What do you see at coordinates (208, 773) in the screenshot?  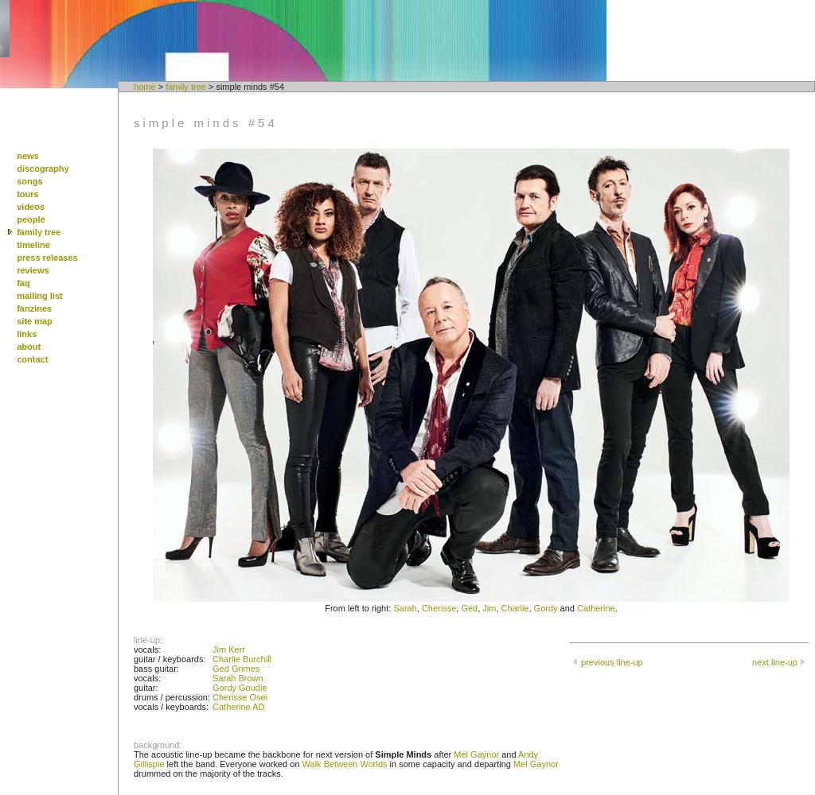 I see `'drummed on the majority of the tracks.'` at bounding box center [208, 773].